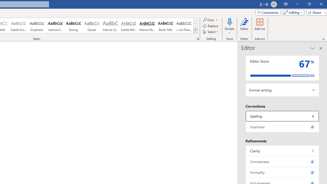 The image size is (327, 184). I want to click on 'Book Title', so click(165, 26).